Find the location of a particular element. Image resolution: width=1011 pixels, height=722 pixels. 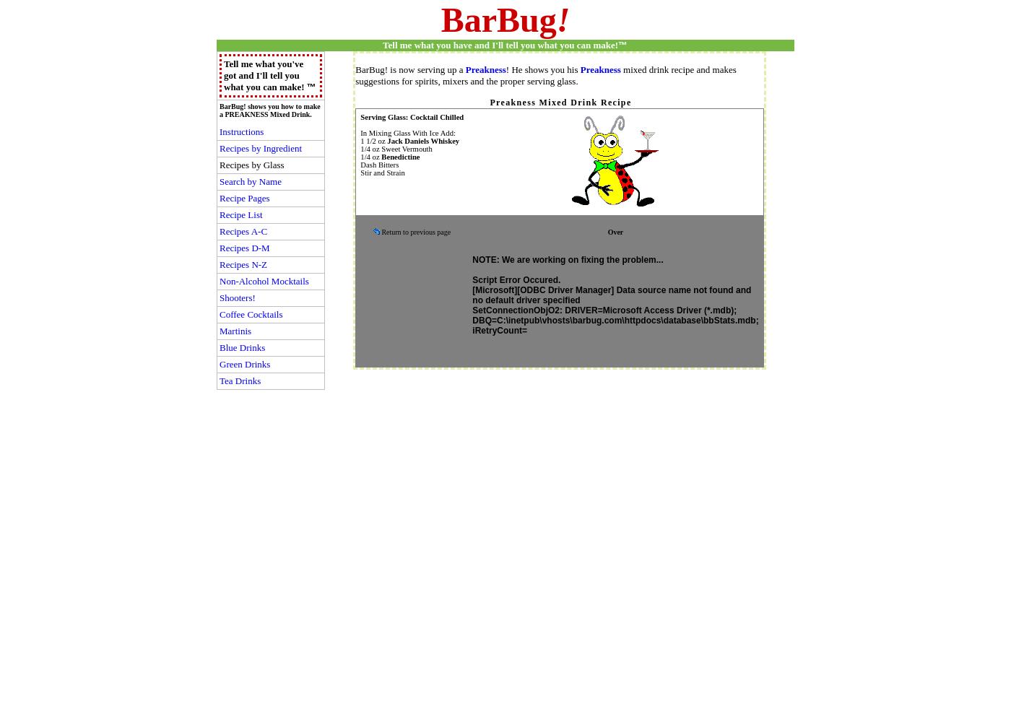

'Shooters!' is located at coordinates (237, 297).